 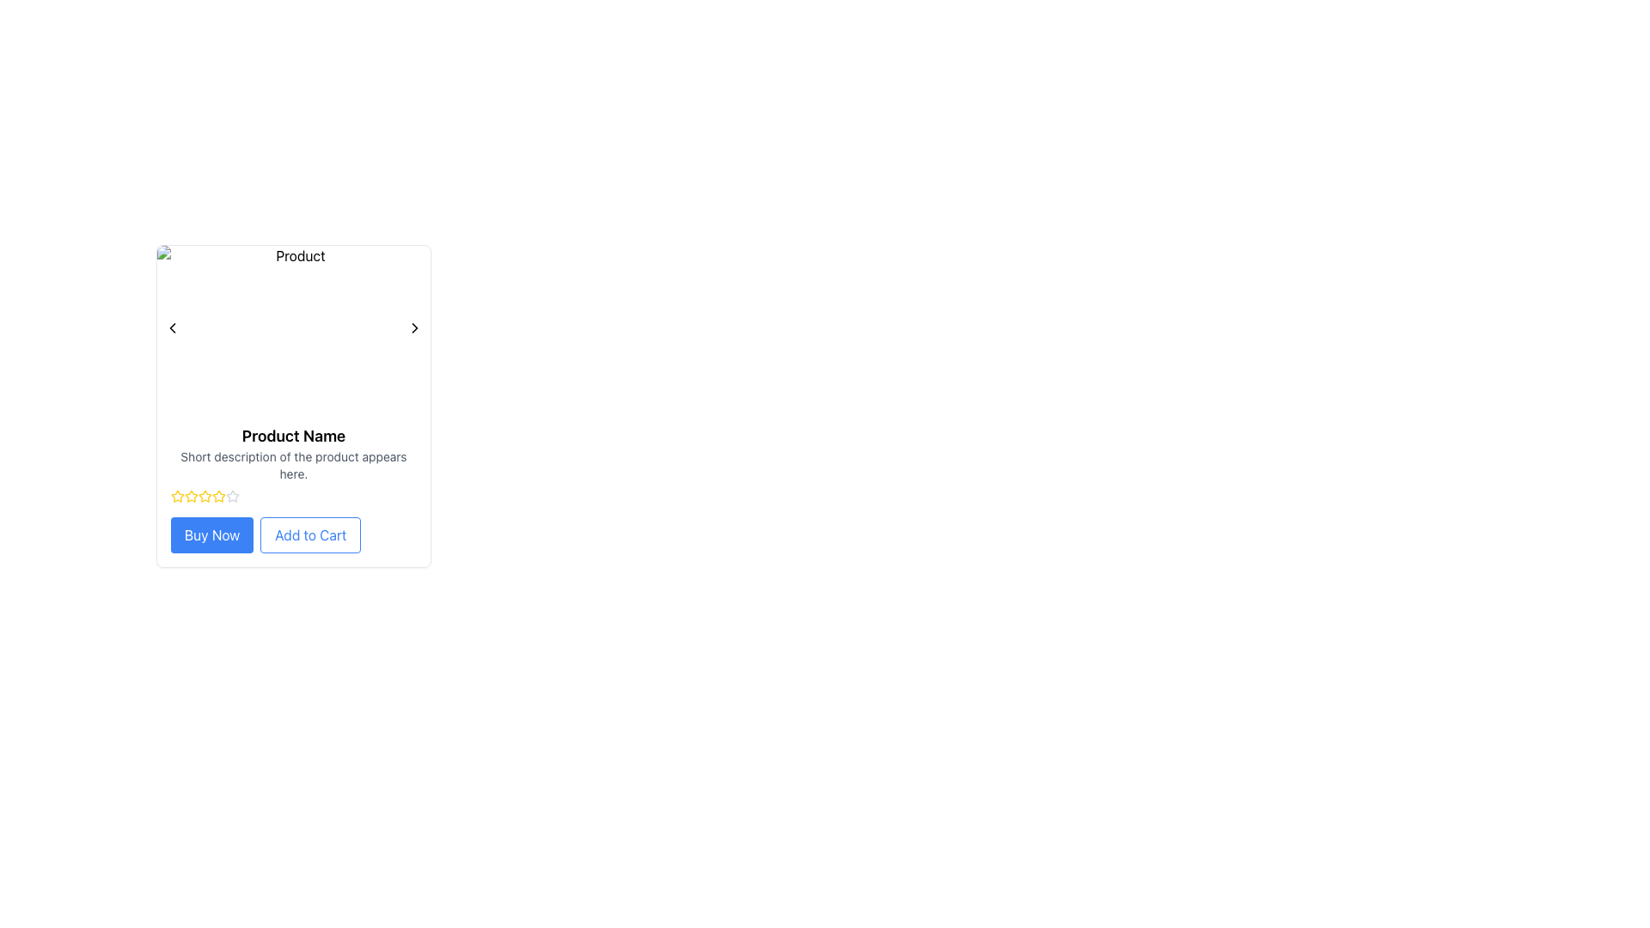 I want to click on the purchase button located in the lower-left section of the card component, which initiates the purchasing process, to observe potential hover effects, so click(x=211, y=534).